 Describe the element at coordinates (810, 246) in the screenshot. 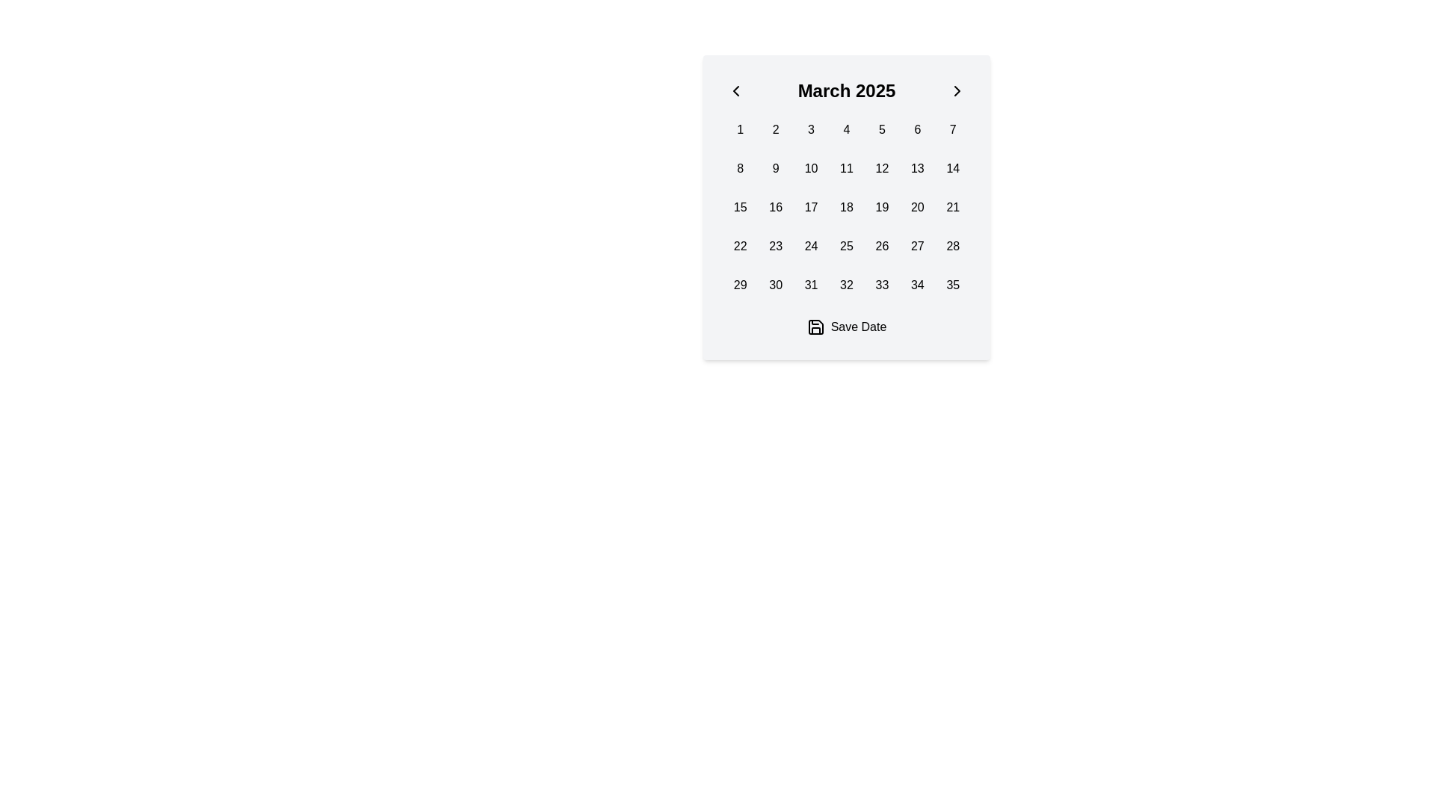

I see `the selectable date button located in the fourth row and third column of the calendar layout` at that location.